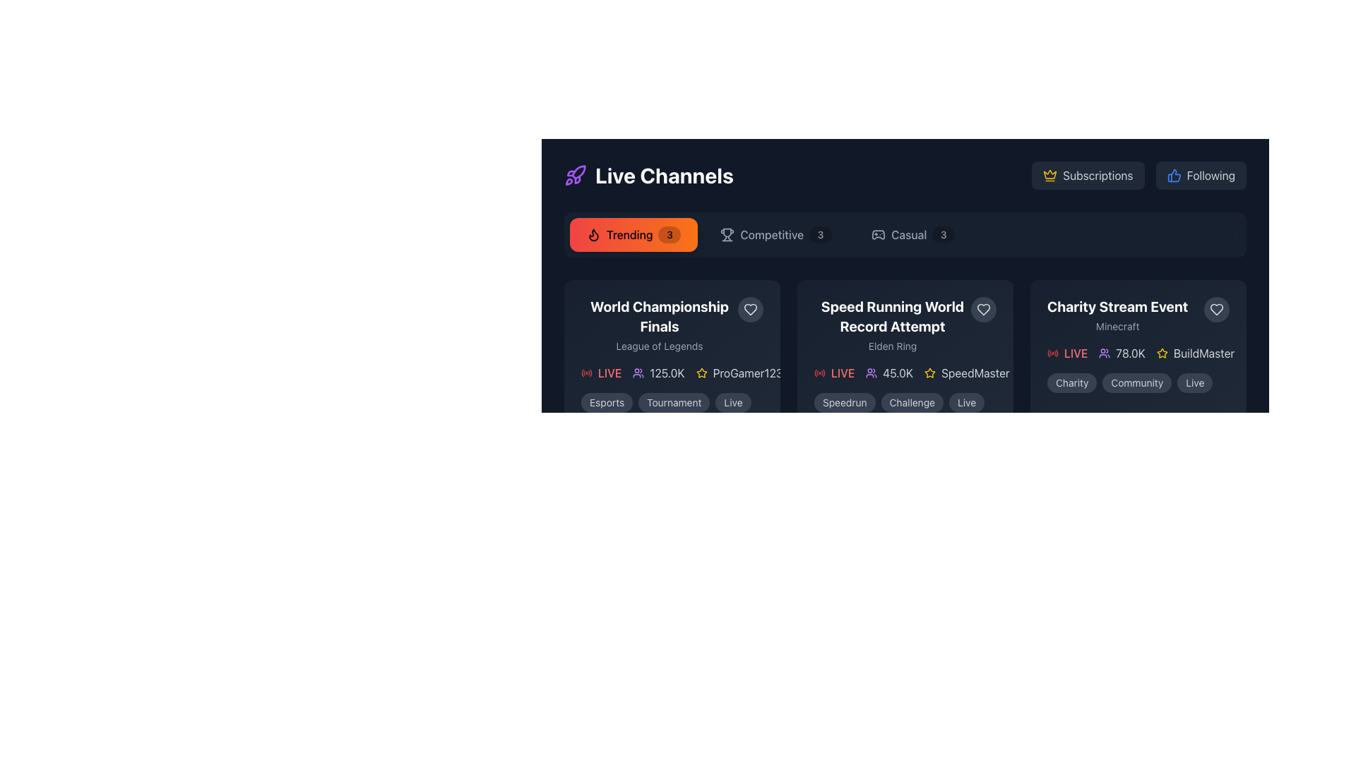  What do you see at coordinates (658, 372) in the screenshot?
I see `the numeric statistic text element displaying '125.0K' to associate the value with the event it belongs to` at bounding box center [658, 372].